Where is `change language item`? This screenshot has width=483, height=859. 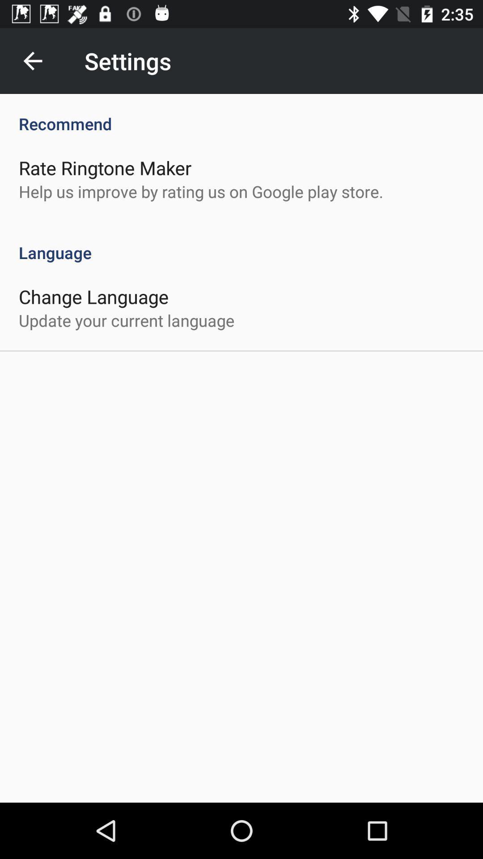
change language item is located at coordinates (93, 296).